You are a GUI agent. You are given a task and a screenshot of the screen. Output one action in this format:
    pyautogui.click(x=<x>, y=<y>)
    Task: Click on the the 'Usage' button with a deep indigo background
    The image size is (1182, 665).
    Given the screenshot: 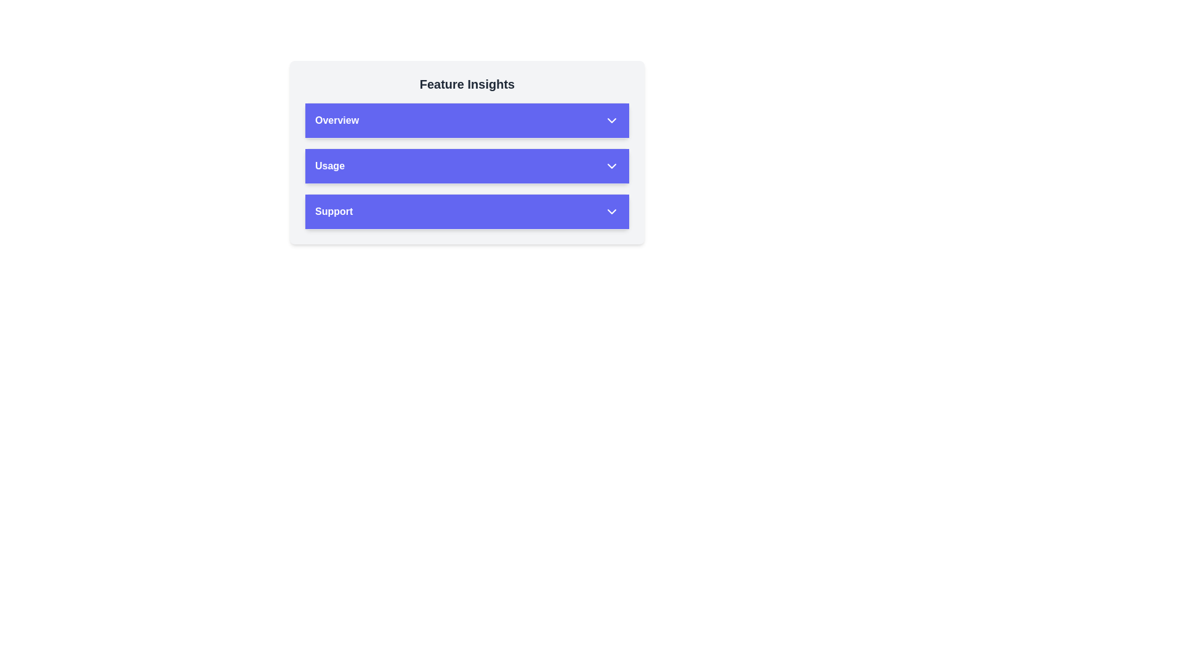 What is the action you would take?
    pyautogui.click(x=466, y=166)
    